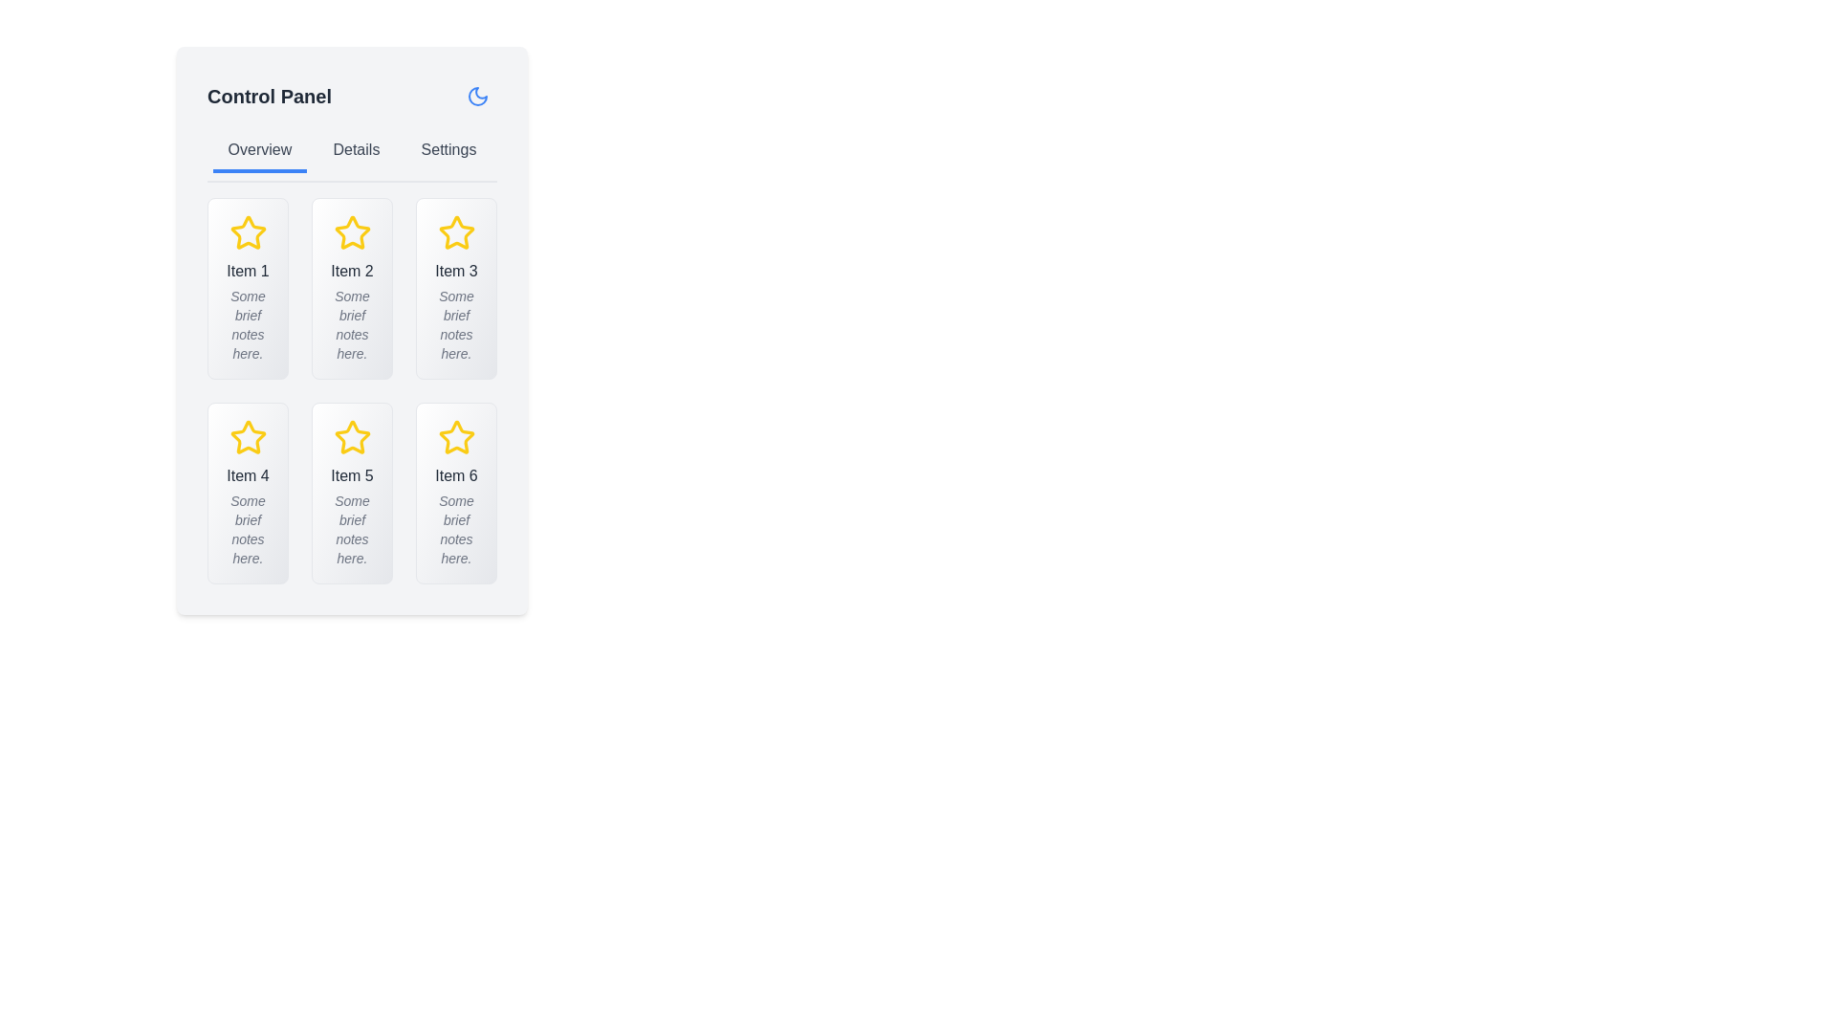 This screenshot has width=1836, height=1033. I want to click on the yellow outlined star icon associated with 'Item 4' in the grid layout, so click(247, 437).